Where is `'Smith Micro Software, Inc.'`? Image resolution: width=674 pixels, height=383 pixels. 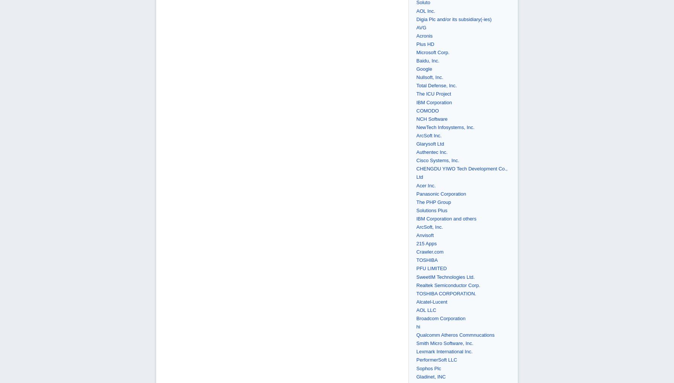 'Smith Micro Software, Inc.' is located at coordinates (445, 343).